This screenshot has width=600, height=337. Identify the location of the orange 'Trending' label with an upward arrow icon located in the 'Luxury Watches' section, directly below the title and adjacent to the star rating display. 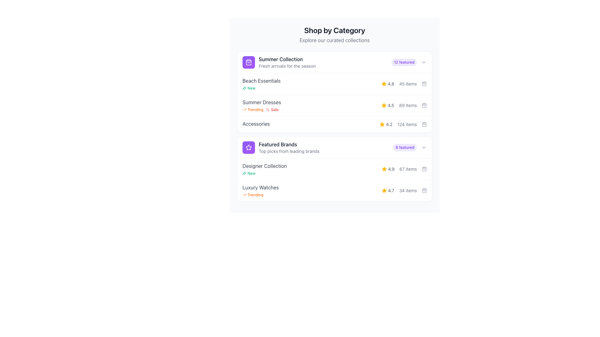
(261, 194).